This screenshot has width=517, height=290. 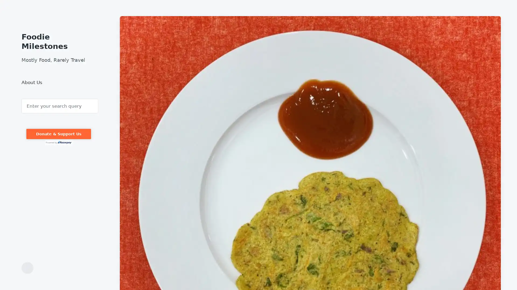 I want to click on Toggle the search field, so click(x=27, y=268).